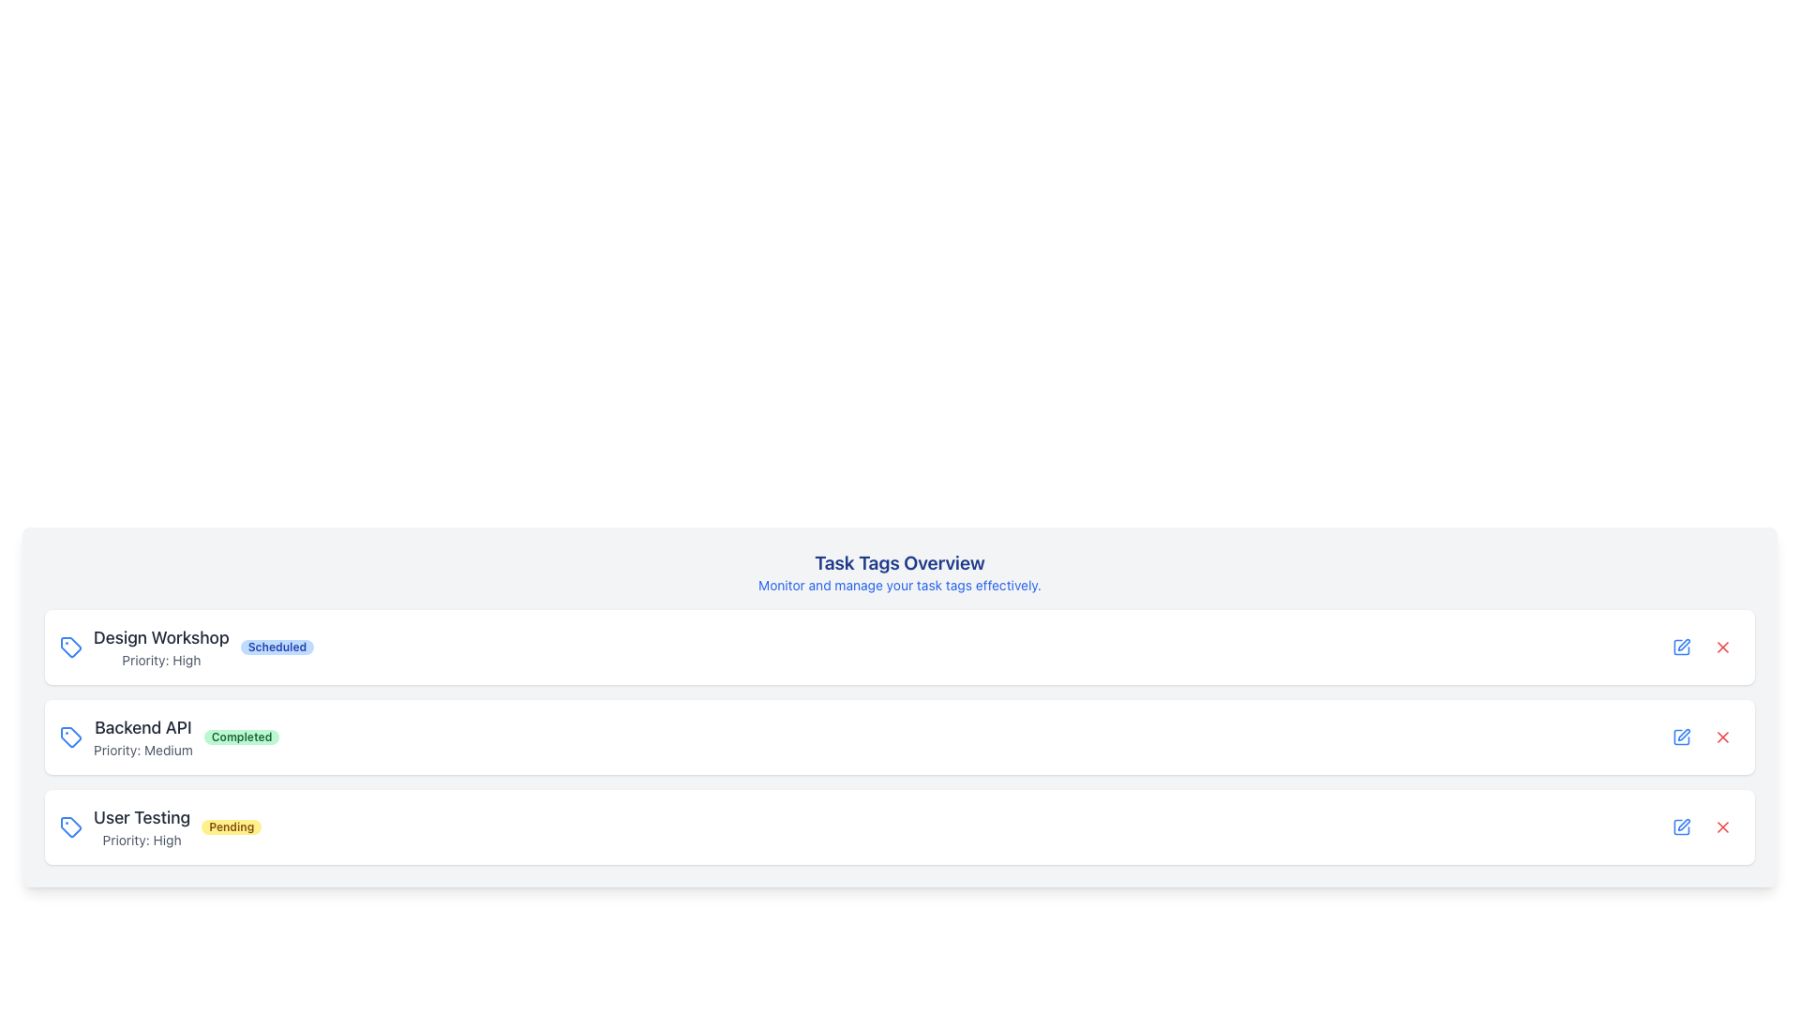 The height and width of the screenshot is (1012, 1800). What do you see at coordinates (1723, 736) in the screenshot?
I see `the delete button located immediately to the right of the blue edit icon in the rightmost section of the row` at bounding box center [1723, 736].